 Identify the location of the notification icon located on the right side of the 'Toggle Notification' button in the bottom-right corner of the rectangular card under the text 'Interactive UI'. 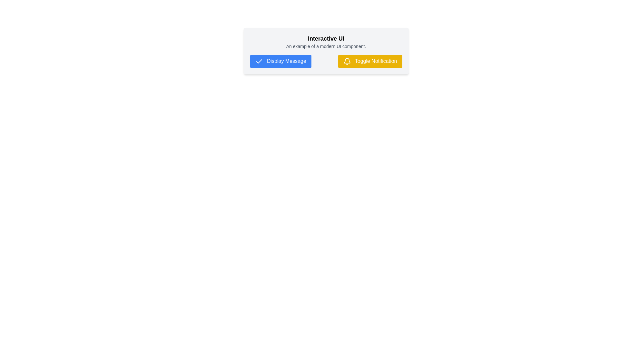
(347, 61).